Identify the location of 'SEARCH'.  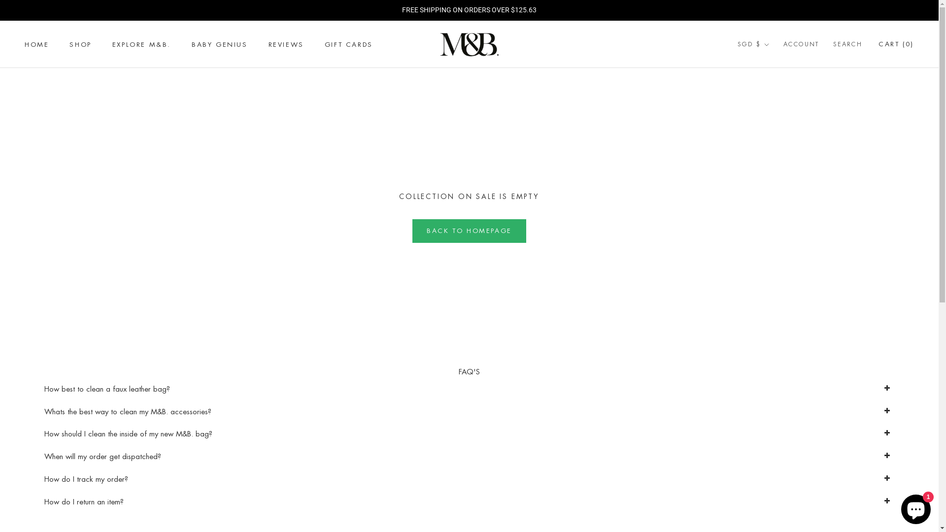
(847, 45).